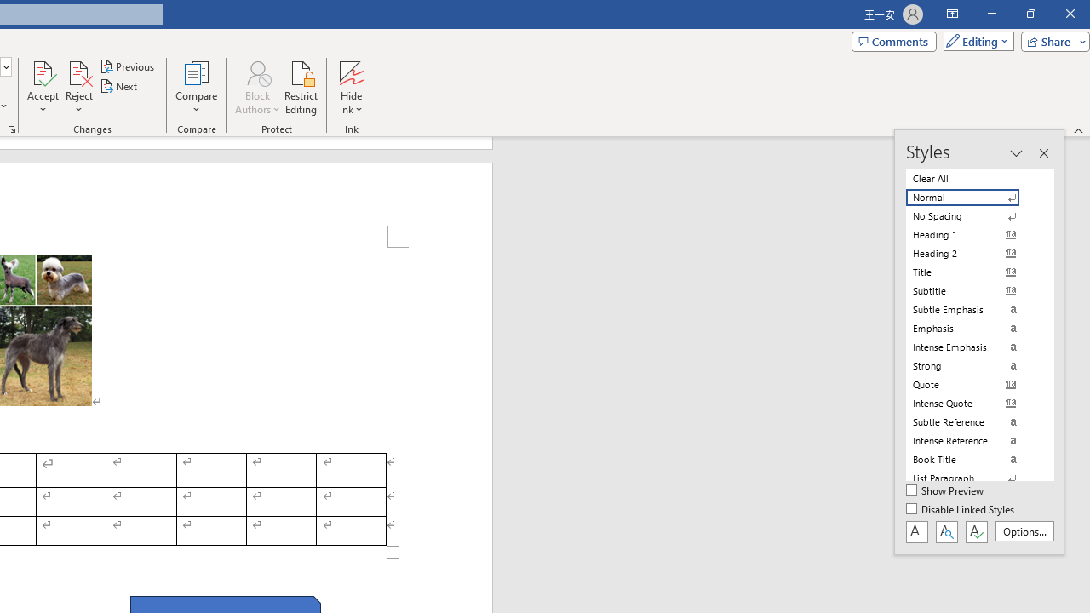  I want to click on 'Collapse the Ribbon', so click(1078, 129).